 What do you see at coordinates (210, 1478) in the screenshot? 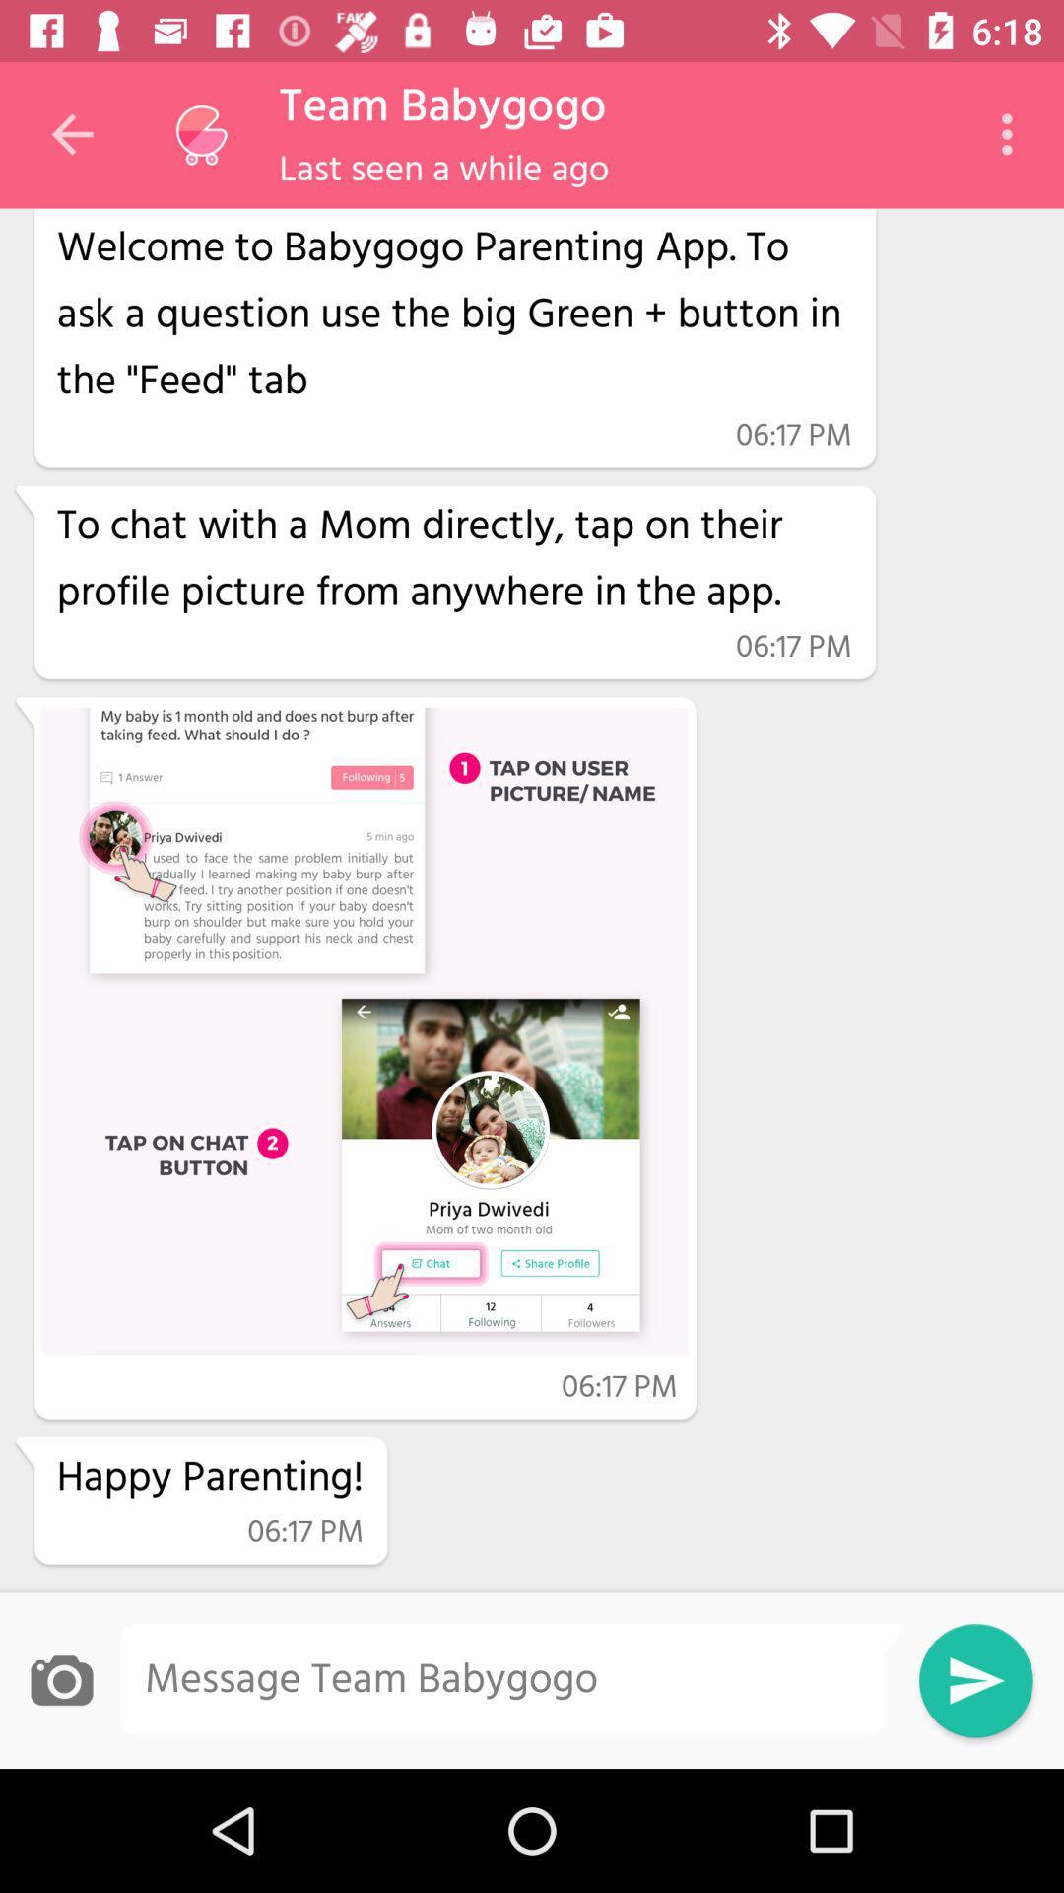
I see `item above the 06:17 pm icon` at bounding box center [210, 1478].